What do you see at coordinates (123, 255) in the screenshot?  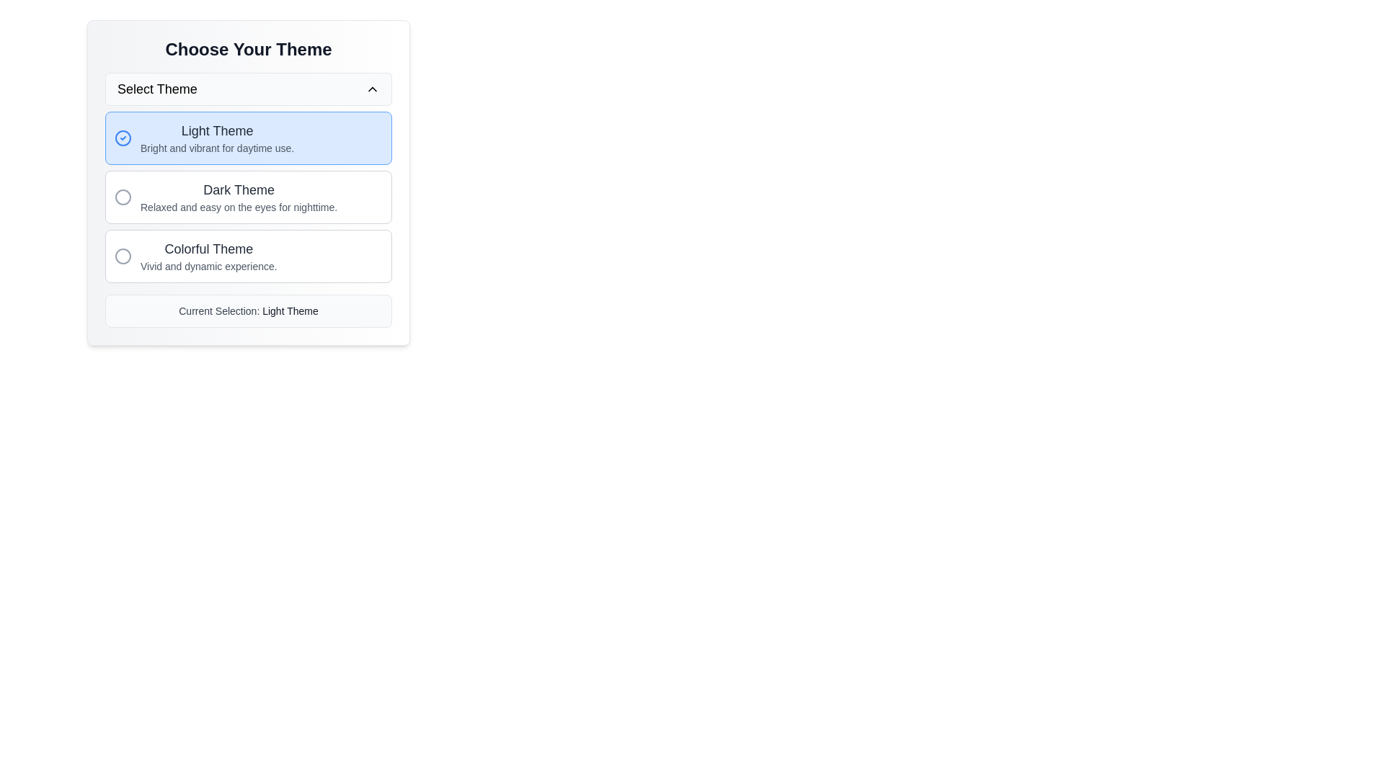 I see `the inner filled circle of the circular icon associated with the 'Colorful Theme' option, which is located to the left of the selection in a vertical list in the modal` at bounding box center [123, 255].